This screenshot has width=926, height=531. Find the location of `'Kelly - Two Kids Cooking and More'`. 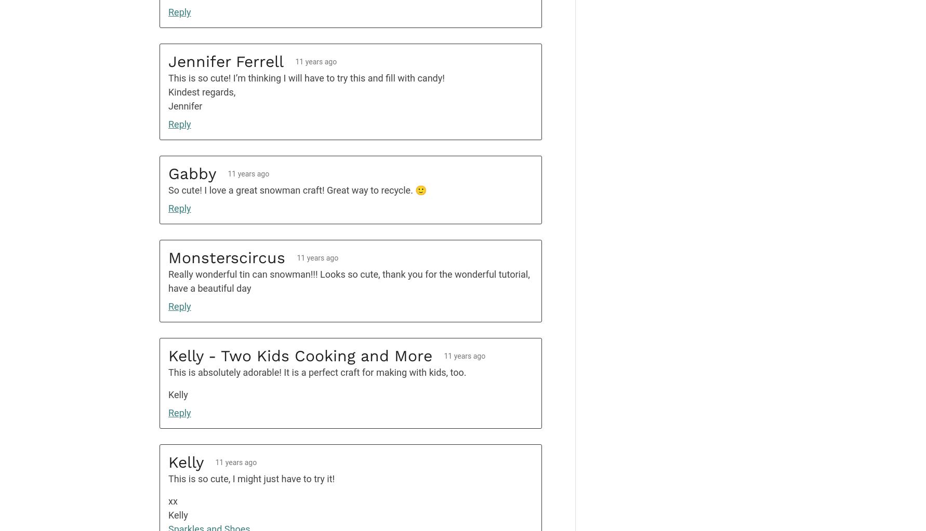

'Kelly - Two Kids Cooking and More' is located at coordinates (300, 355).